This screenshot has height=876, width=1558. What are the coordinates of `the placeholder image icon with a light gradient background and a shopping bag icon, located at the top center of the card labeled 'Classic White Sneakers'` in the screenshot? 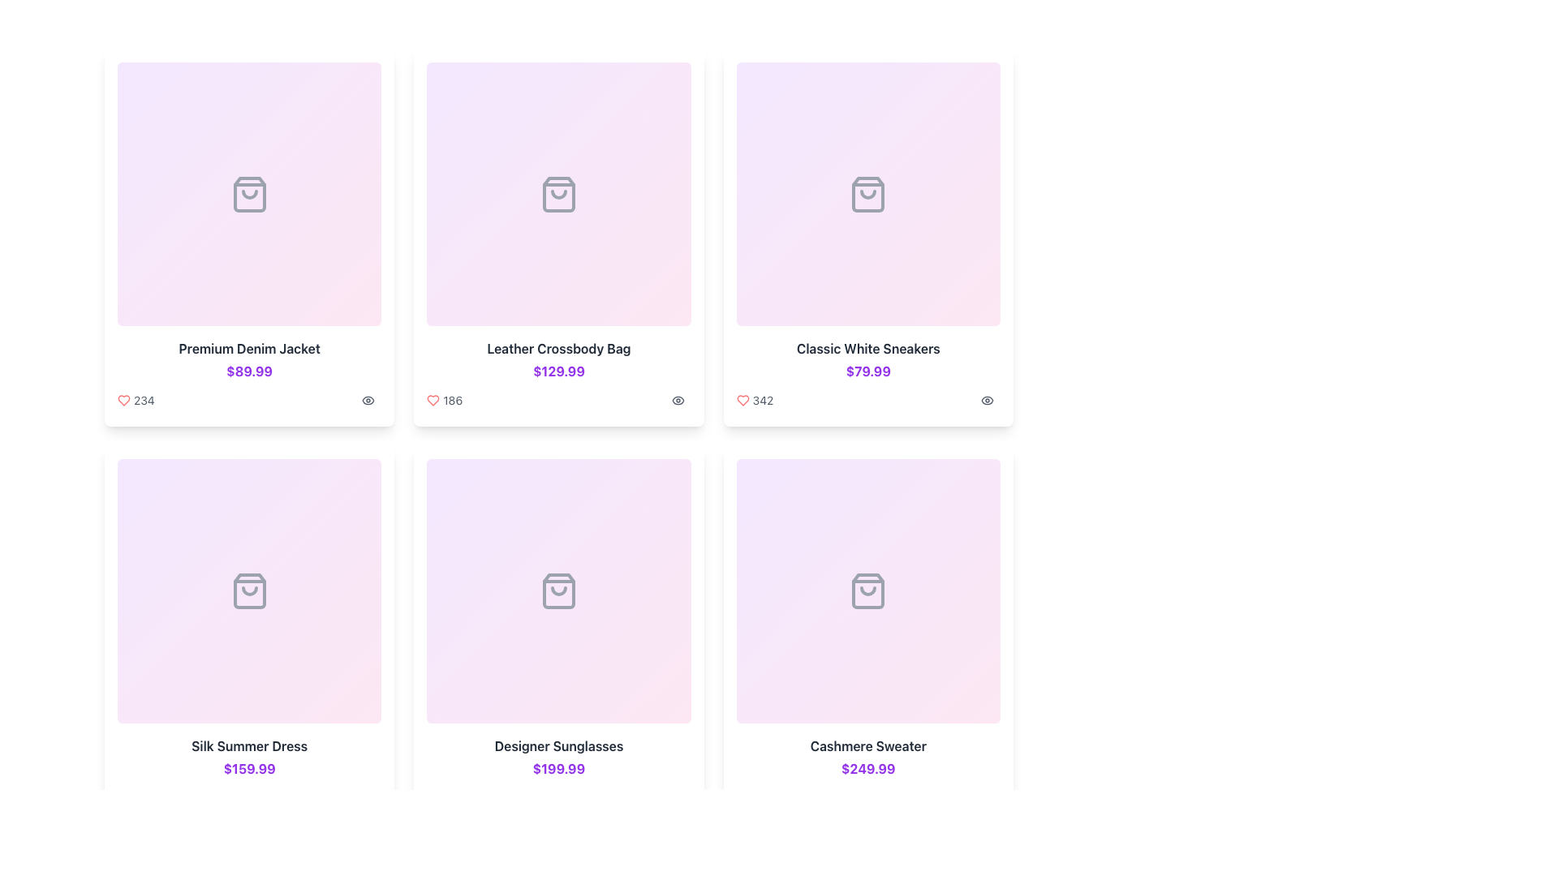 It's located at (867, 193).